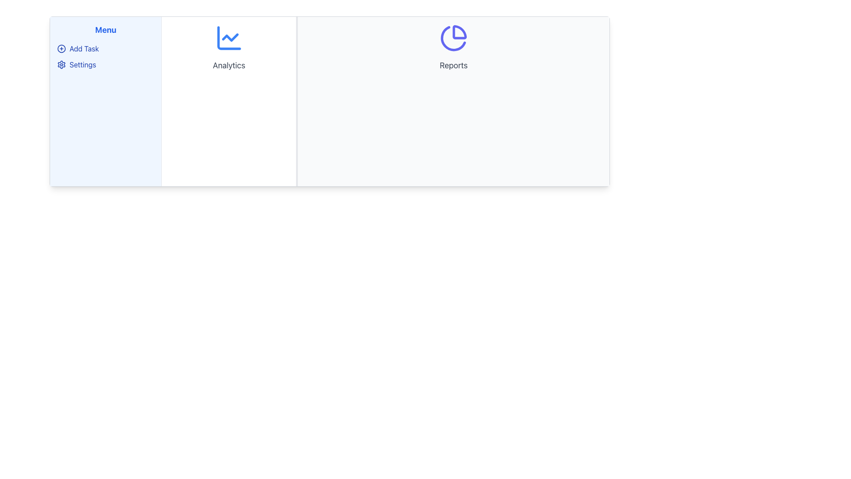  Describe the element at coordinates (229, 101) in the screenshot. I see `the first Card Component located in the leftmost third of the area below the navigation menu` at that location.